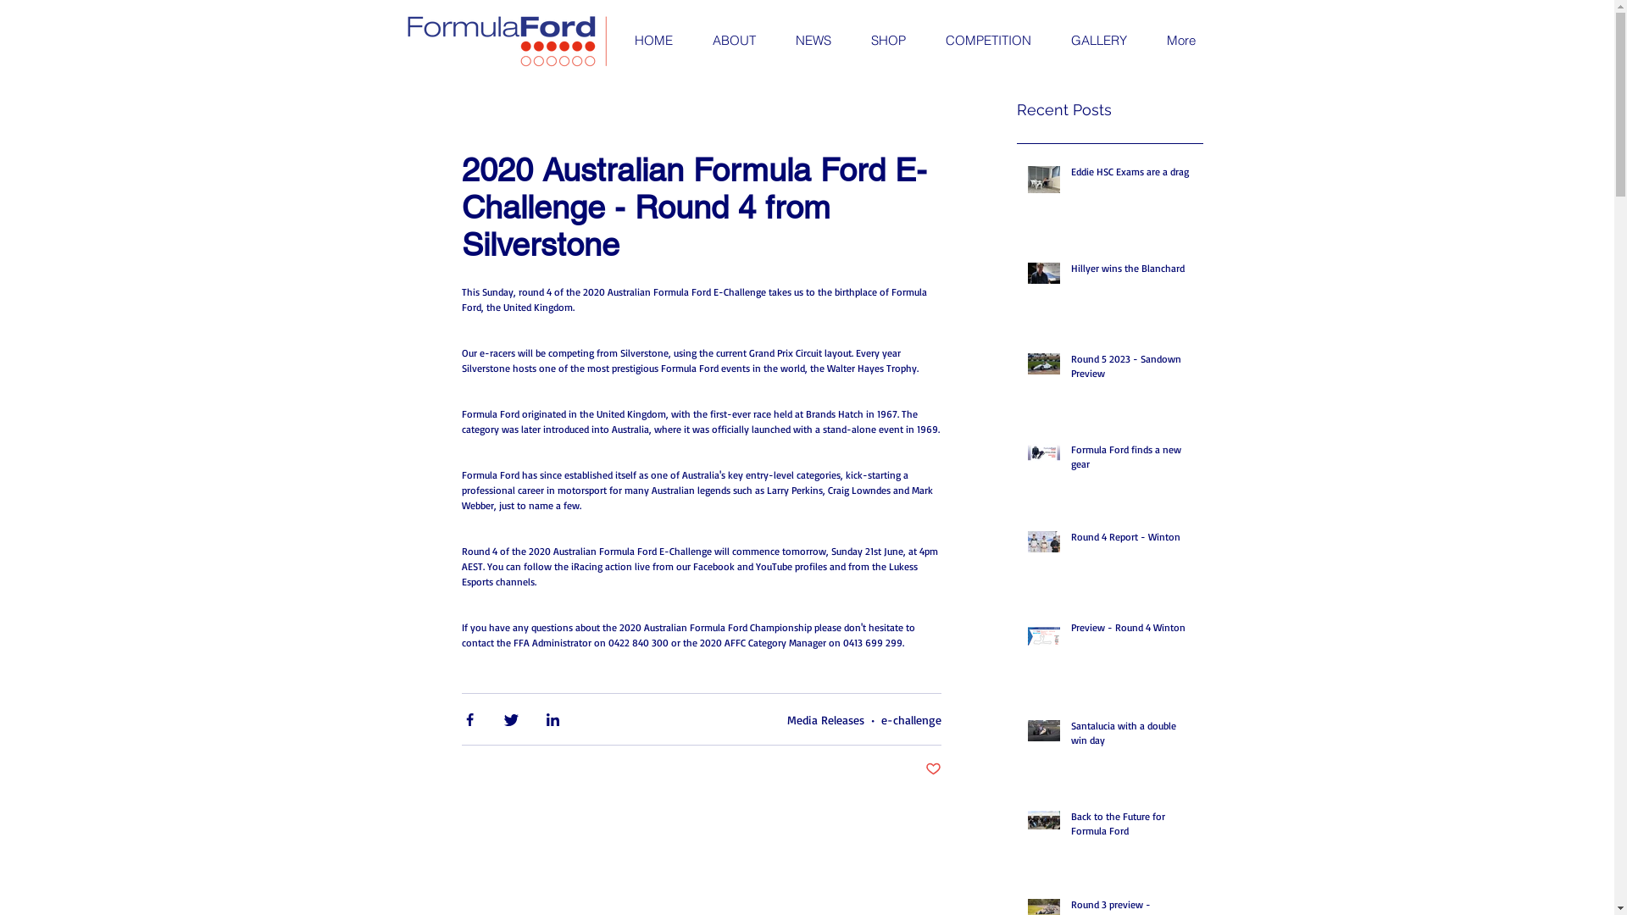 The width and height of the screenshot is (1627, 915). What do you see at coordinates (1098, 39) in the screenshot?
I see `'GALLERY'` at bounding box center [1098, 39].